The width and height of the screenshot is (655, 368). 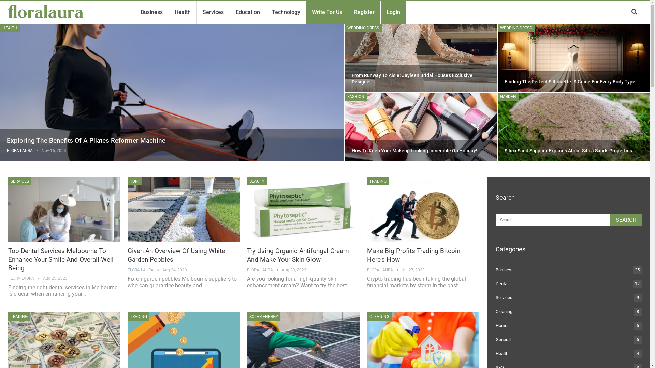 What do you see at coordinates (19, 317) in the screenshot?
I see `'TRADING'` at bounding box center [19, 317].